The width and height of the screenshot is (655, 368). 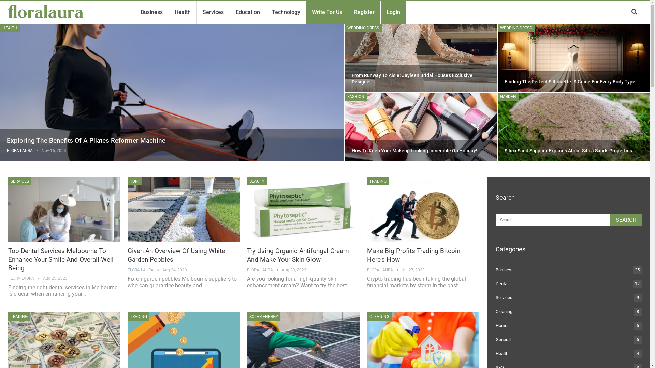 What do you see at coordinates (19, 317) in the screenshot?
I see `'TRADING'` at bounding box center [19, 317].